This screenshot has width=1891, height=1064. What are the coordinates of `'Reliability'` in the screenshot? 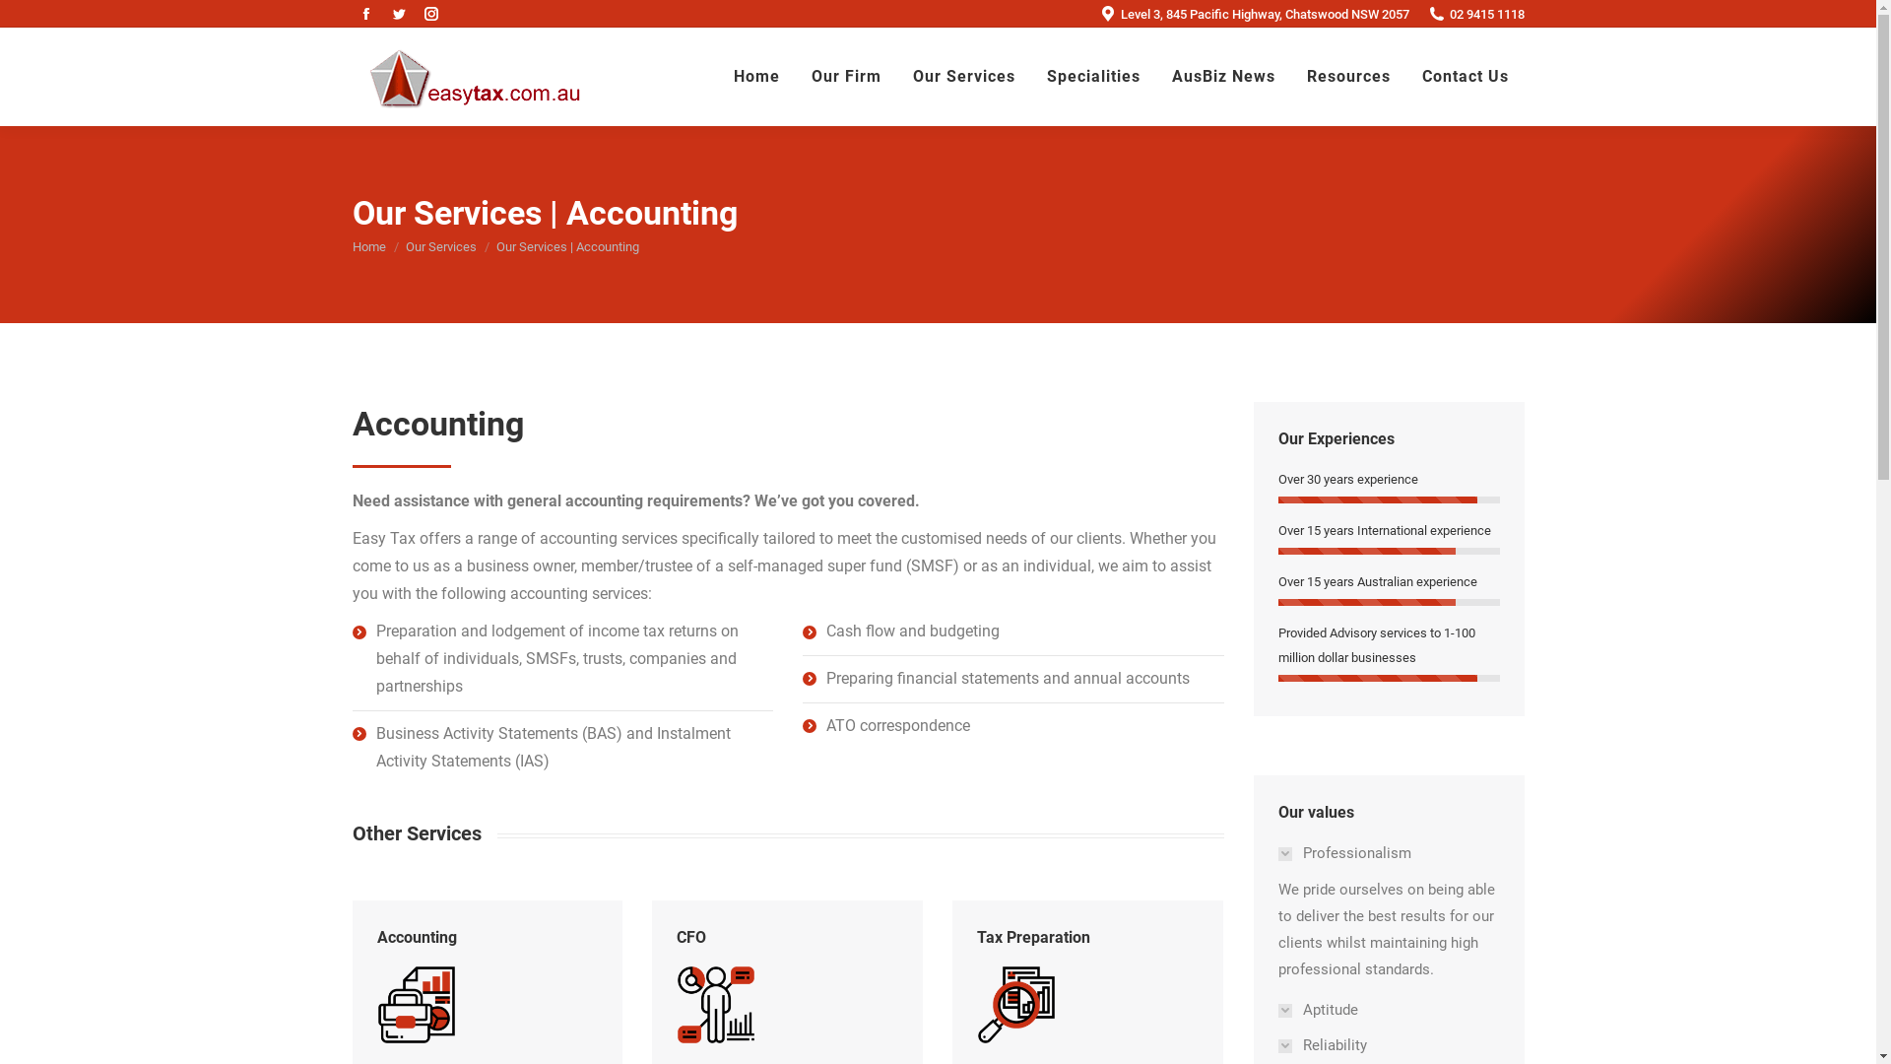 It's located at (1330, 1044).